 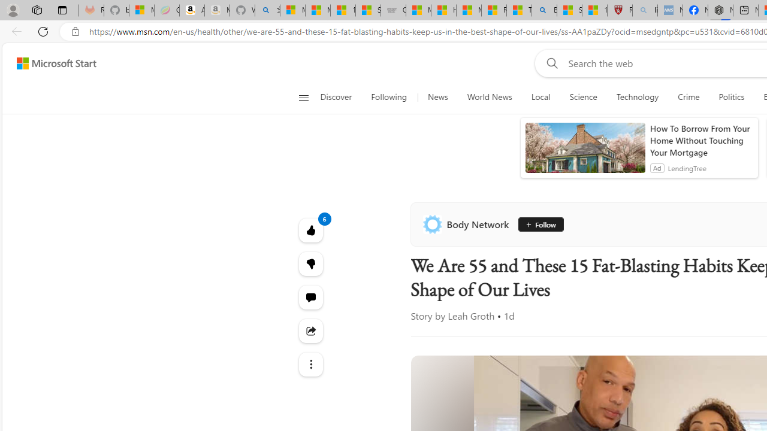 What do you see at coordinates (687, 168) in the screenshot?
I see `'LendingTree'` at bounding box center [687, 168].